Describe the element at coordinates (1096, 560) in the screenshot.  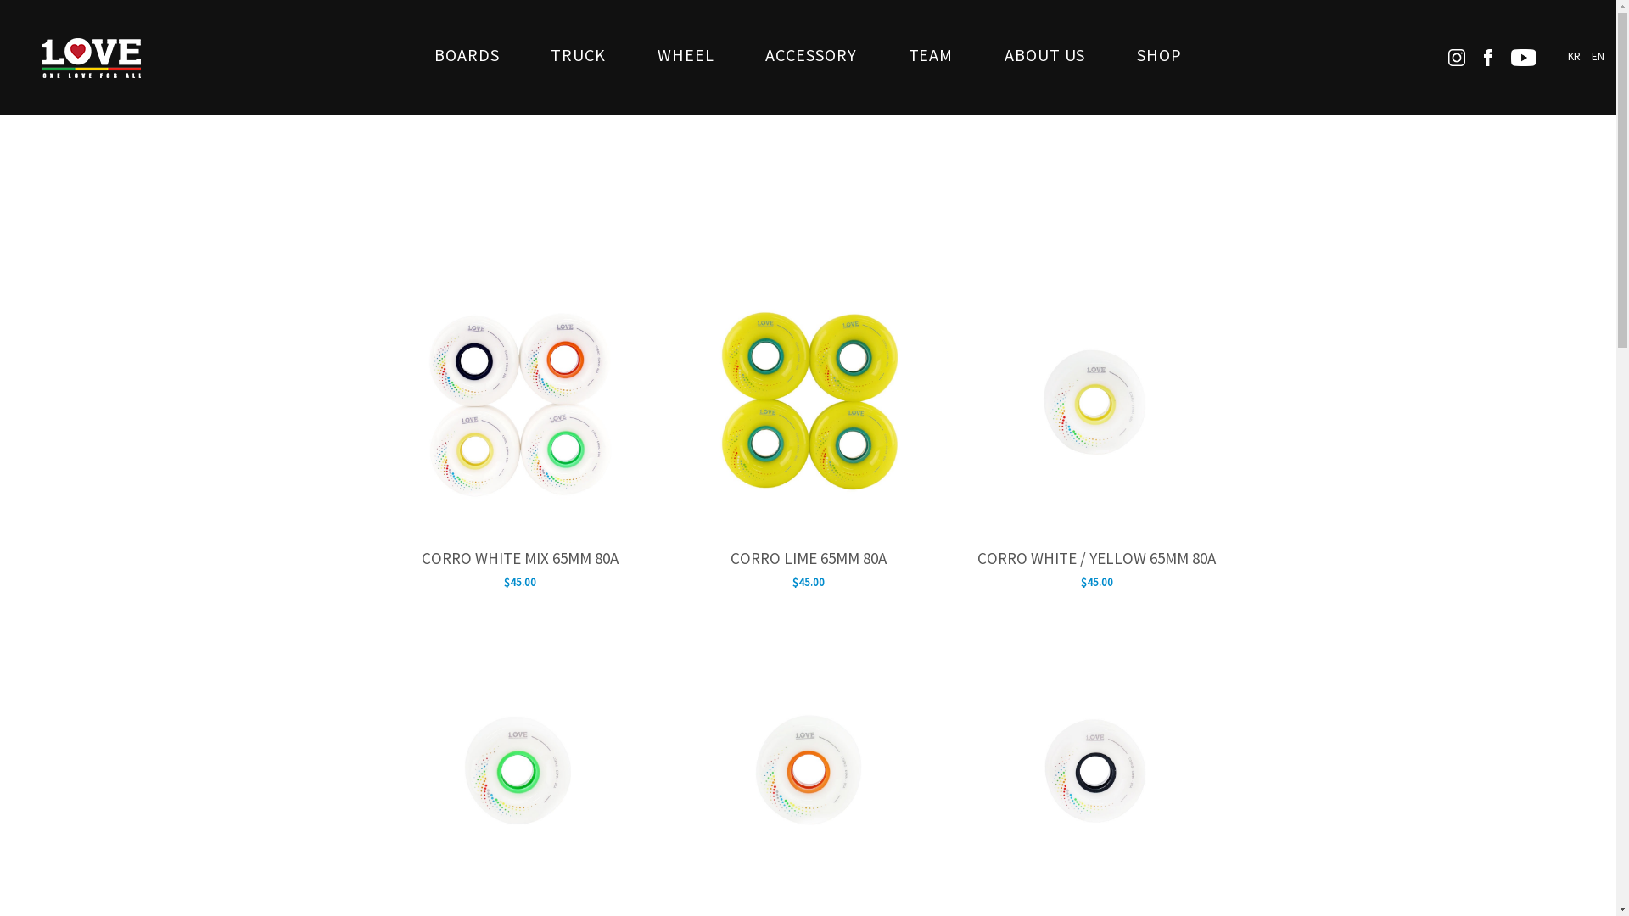
I see `'CORRO WHITE / YELLOW 65MM 80A'` at that location.